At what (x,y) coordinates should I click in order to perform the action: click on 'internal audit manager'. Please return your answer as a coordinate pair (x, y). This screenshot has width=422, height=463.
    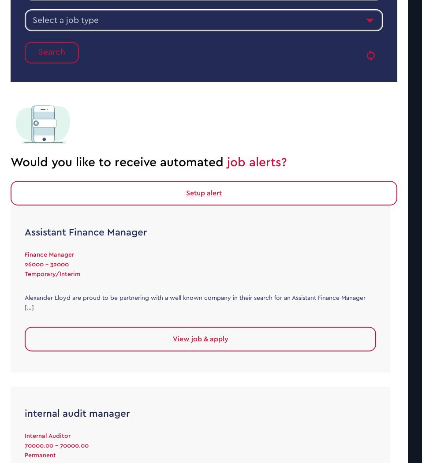
    Looking at the image, I should click on (77, 413).